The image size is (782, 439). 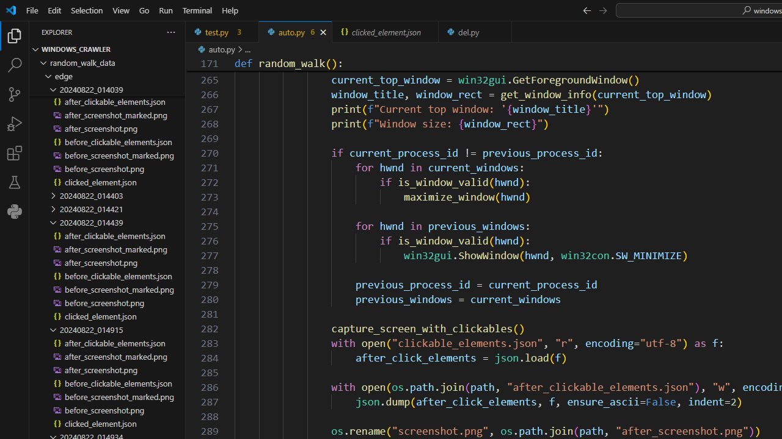 I want to click on 'test.py', so click(x=222, y=31).